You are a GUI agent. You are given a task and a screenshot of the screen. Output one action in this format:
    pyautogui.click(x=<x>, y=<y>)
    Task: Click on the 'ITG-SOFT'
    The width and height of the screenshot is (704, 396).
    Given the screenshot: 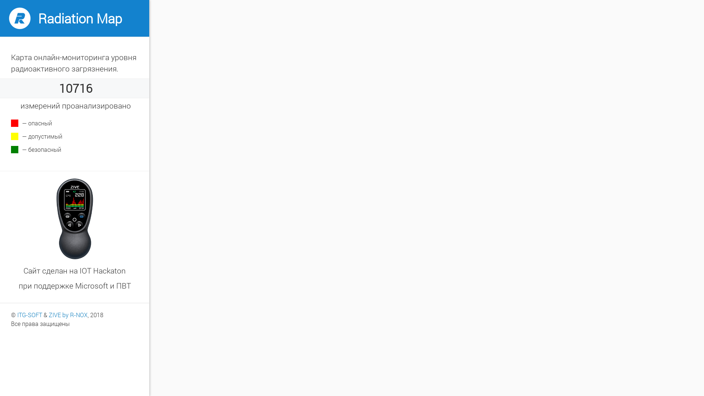 What is the action you would take?
    pyautogui.click(x=29, y=314)
    